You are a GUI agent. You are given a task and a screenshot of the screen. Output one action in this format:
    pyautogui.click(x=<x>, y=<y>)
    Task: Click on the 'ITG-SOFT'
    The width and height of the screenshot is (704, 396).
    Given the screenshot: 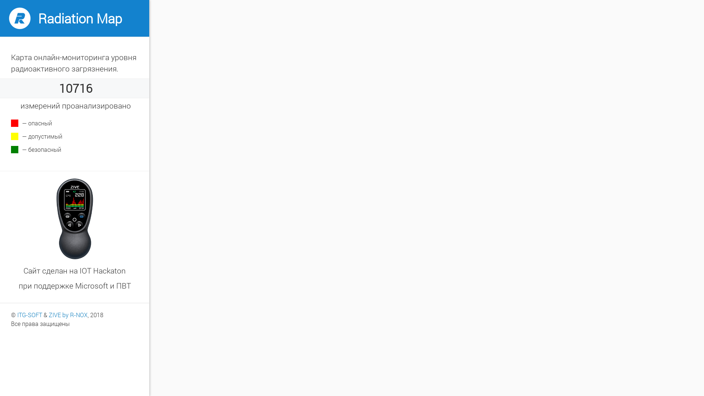 What is the action you would take?
    pyautogui.click(x=29, y=314)
    